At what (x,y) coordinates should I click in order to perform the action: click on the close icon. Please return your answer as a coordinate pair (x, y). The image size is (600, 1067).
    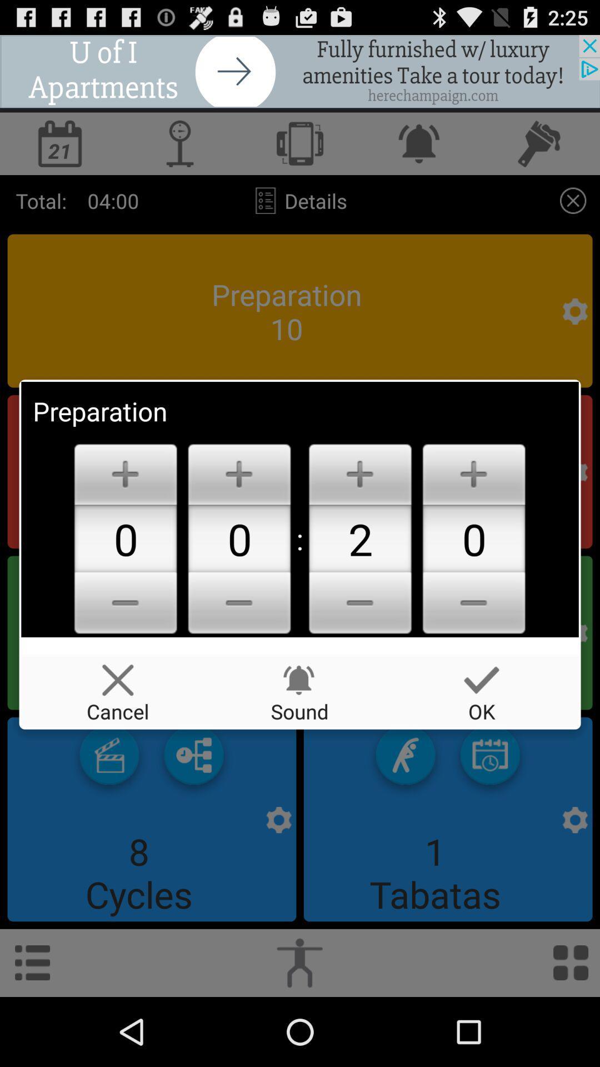
    Looking at the image, I should click on (573, 215).